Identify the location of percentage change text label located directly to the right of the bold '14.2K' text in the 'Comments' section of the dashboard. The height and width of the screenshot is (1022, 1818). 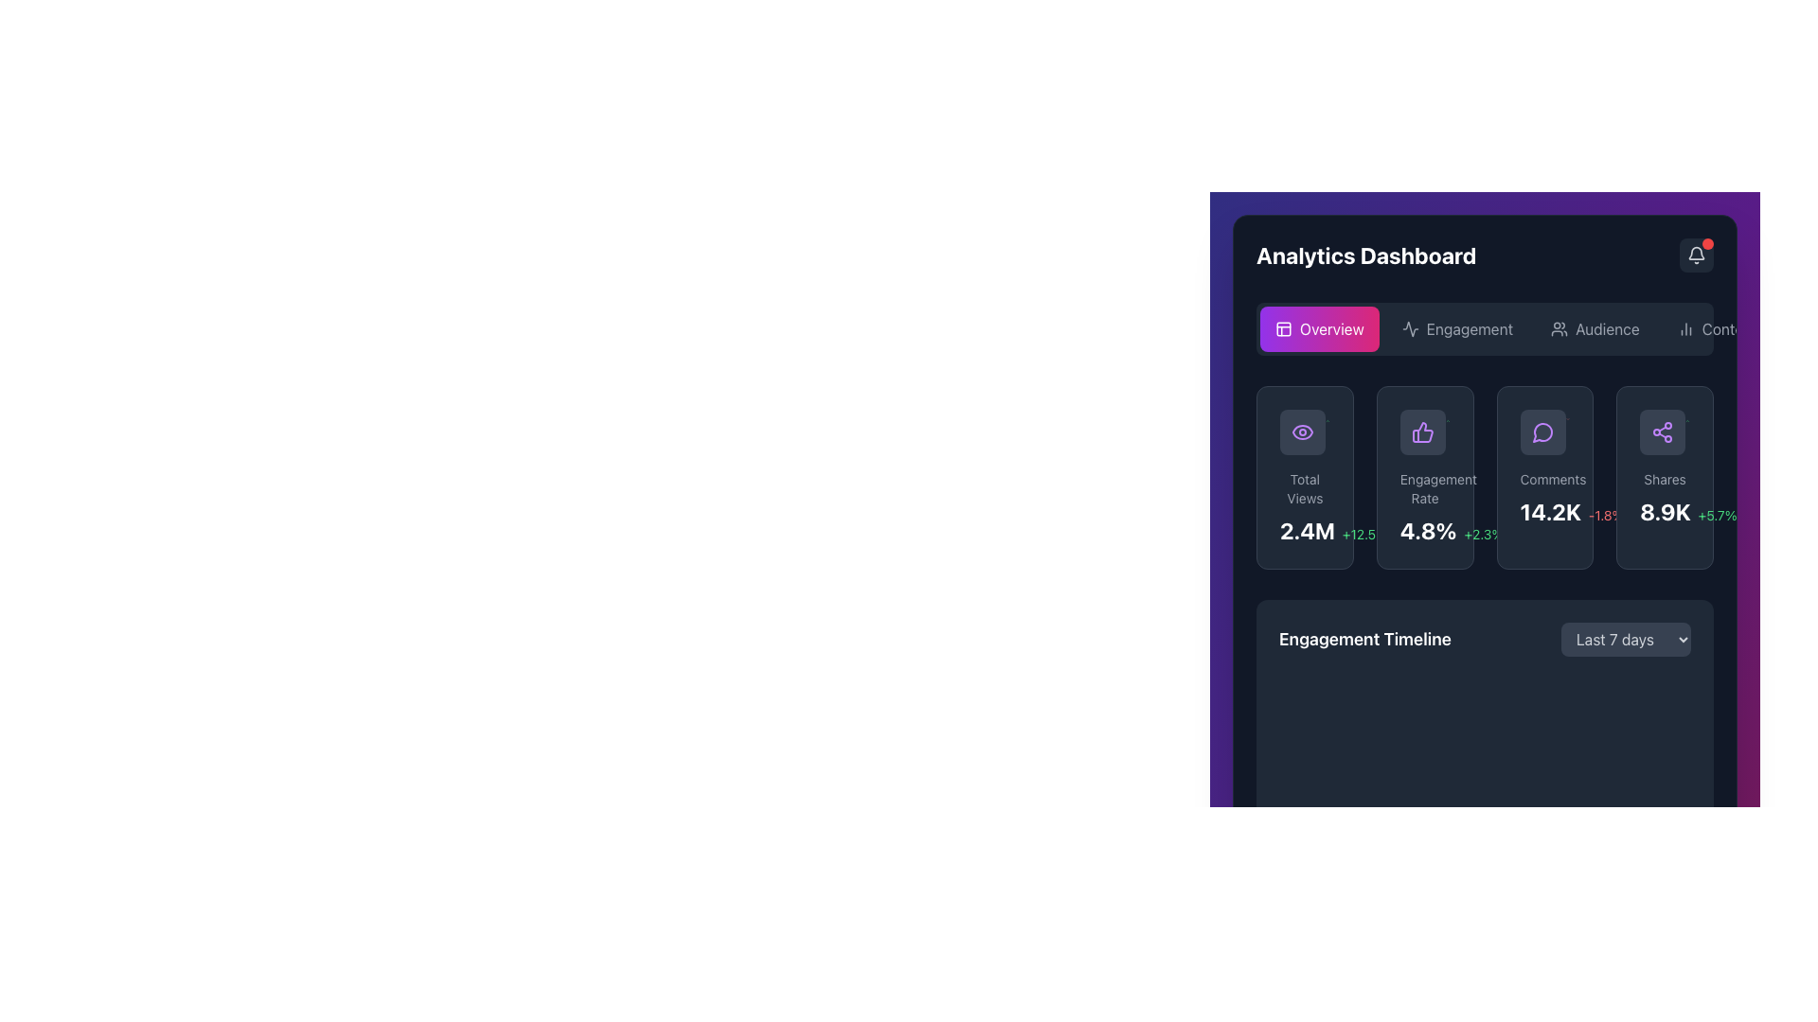
(1605, 515).